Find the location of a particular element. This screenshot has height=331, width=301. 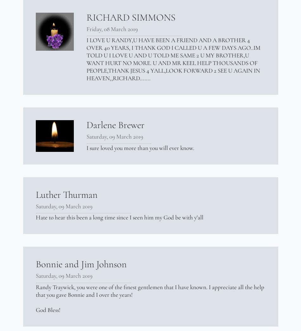

'I LOVE U RANDY,U HAVE BEEN A FRIEND AND A BROTHER 4 OVER 40 YEARS, I THANK GOD I CALLED U A FEW DAYS AGO..IM TOLD U I LOVE U AND U TOLD ME SAME 2 U MY BROTHER,U WANT HURT NO MORE. U AND MR KEEL HELP THOUSANDS OF PEOPLE,THANK JESUS 4 YALL,LOOK FORWARD 2 SEE U AGAIN IN HEAVEN,,RICHARD.......' is located at coordinates (173, 59).